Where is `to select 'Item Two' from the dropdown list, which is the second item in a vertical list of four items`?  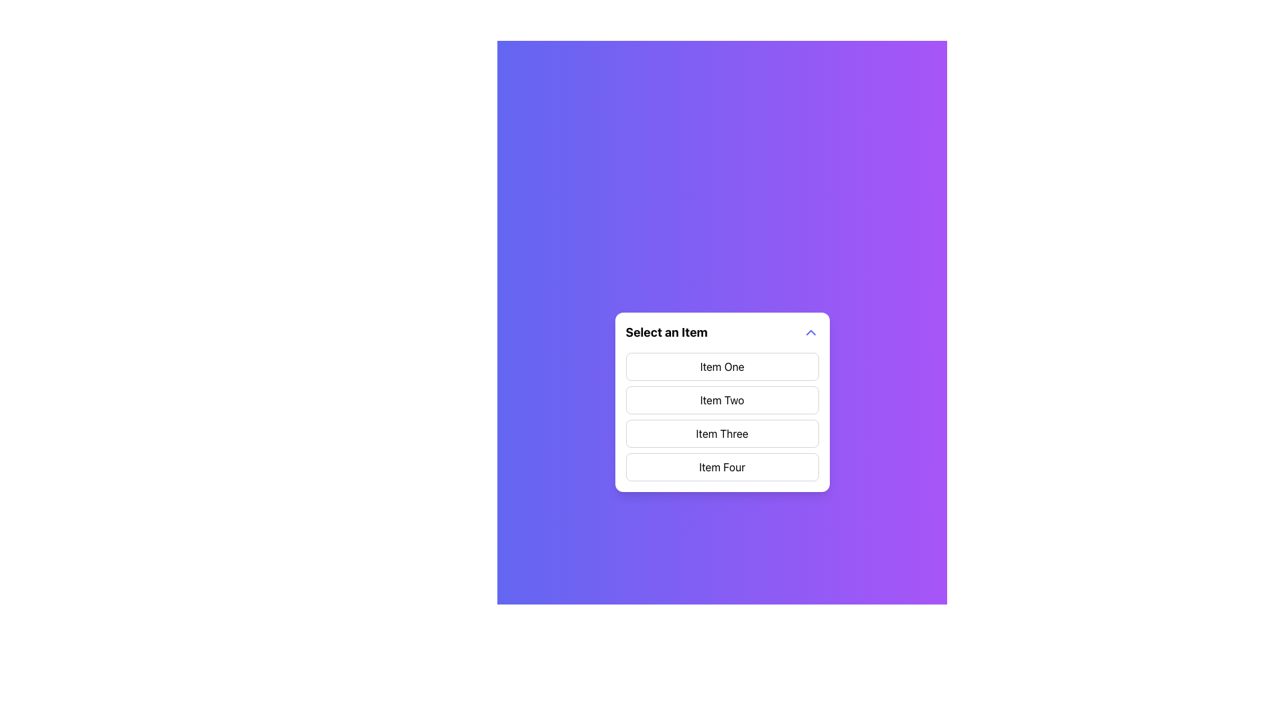 to select 'Item Two' from the dropdown list, which is the second item in a vertical list of four items is located at coordinates (721, 399).